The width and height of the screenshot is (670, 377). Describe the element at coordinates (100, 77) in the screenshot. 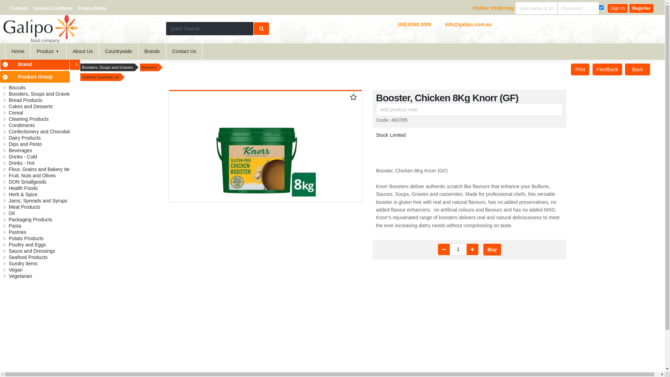

I see `'Unilever Australia Ltd'` at that location.